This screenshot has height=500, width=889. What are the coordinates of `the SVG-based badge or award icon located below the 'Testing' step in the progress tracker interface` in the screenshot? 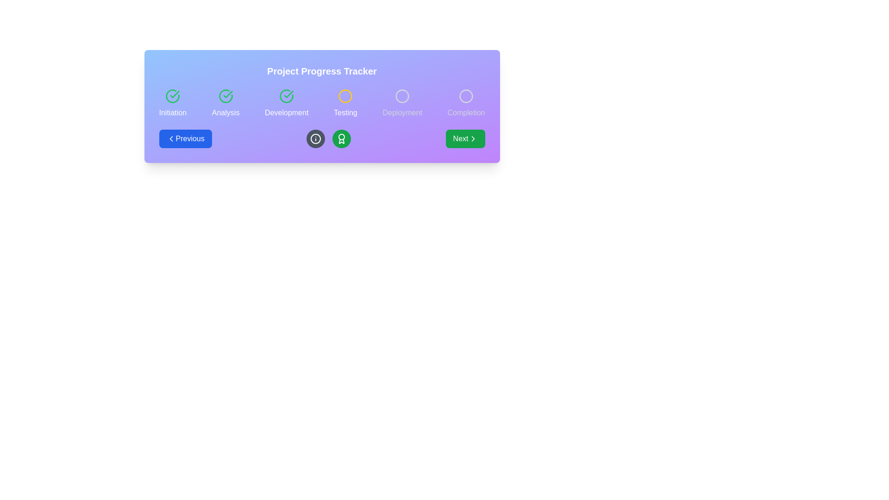 It's located at (341, 141).